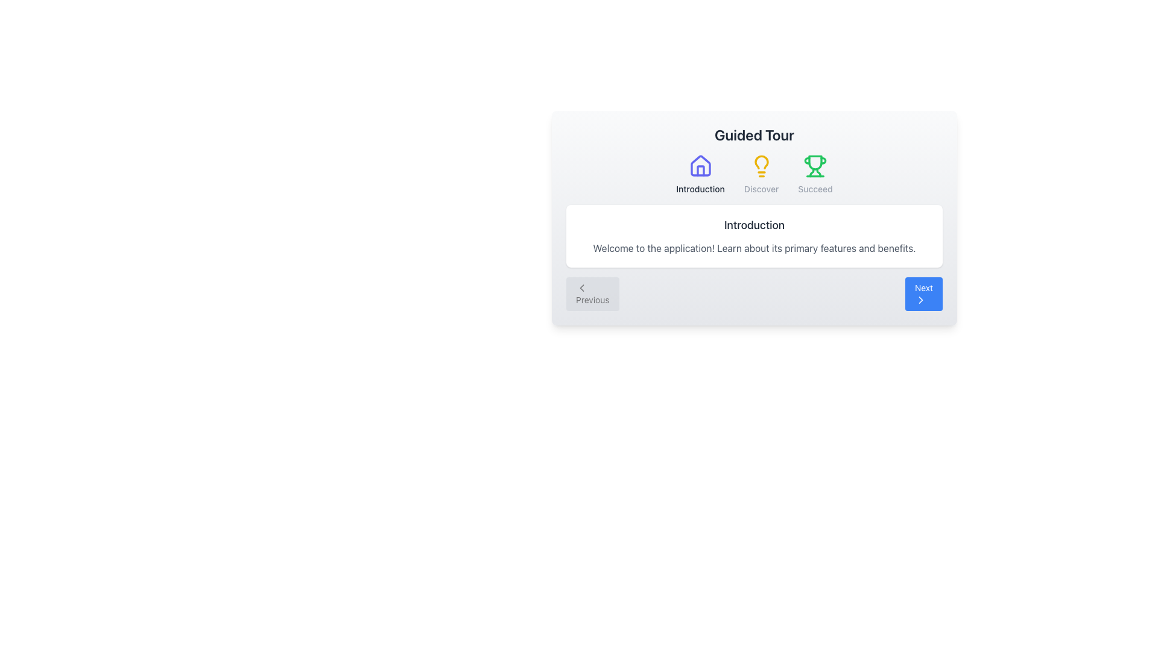  Describe the element at coordinates (754, 218) in the screenshot. I see `the main content section that provides introductory text and navigation functionality for the guided tour steps` at that location.